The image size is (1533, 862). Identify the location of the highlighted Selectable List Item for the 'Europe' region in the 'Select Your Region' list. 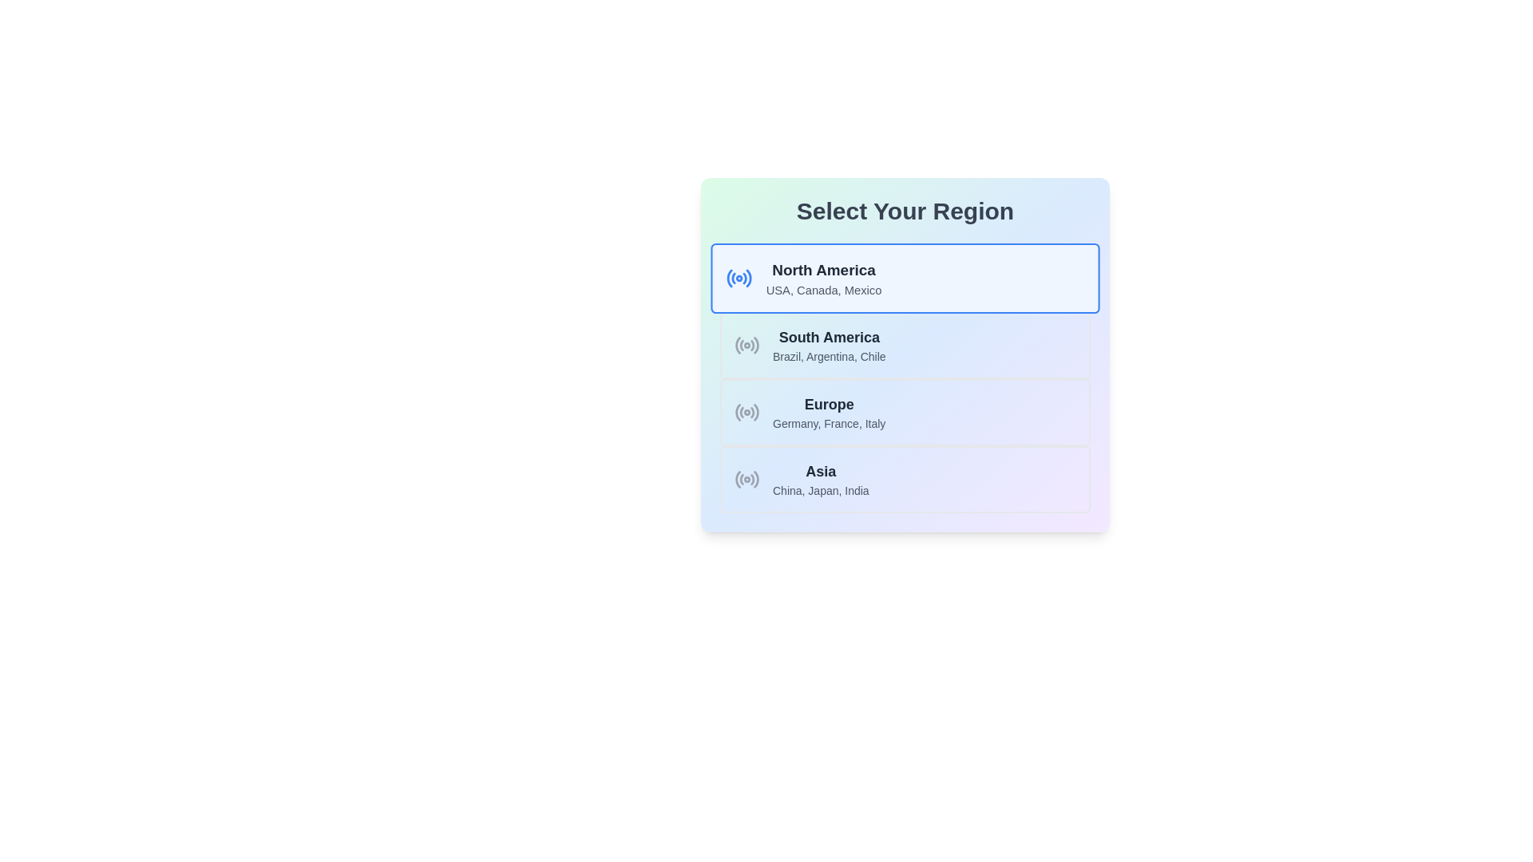
(829, 411).